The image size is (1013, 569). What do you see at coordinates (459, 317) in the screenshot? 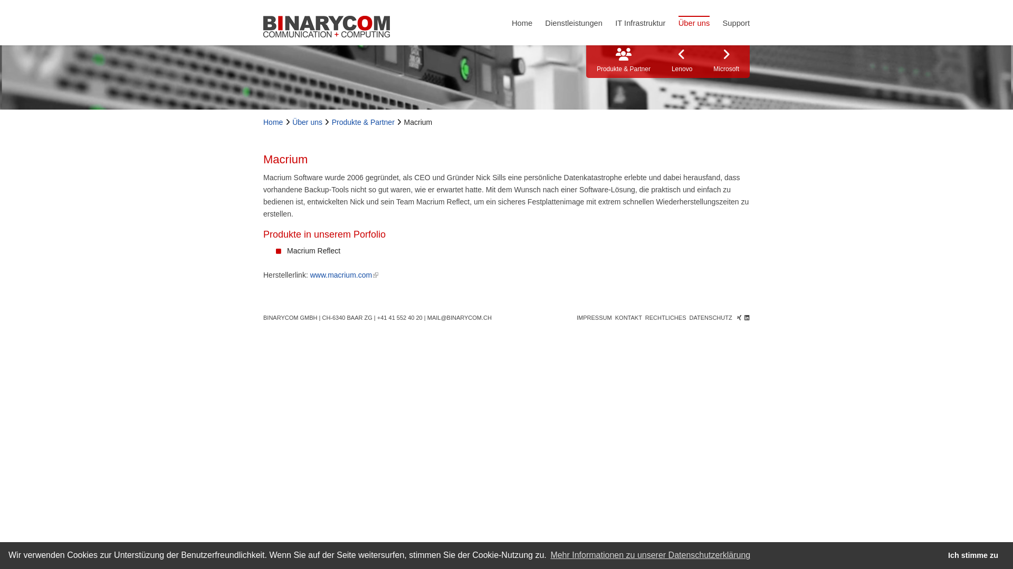
I see `'MAIL@BINARYCOM.CH'` at bounding box center [459, 317].